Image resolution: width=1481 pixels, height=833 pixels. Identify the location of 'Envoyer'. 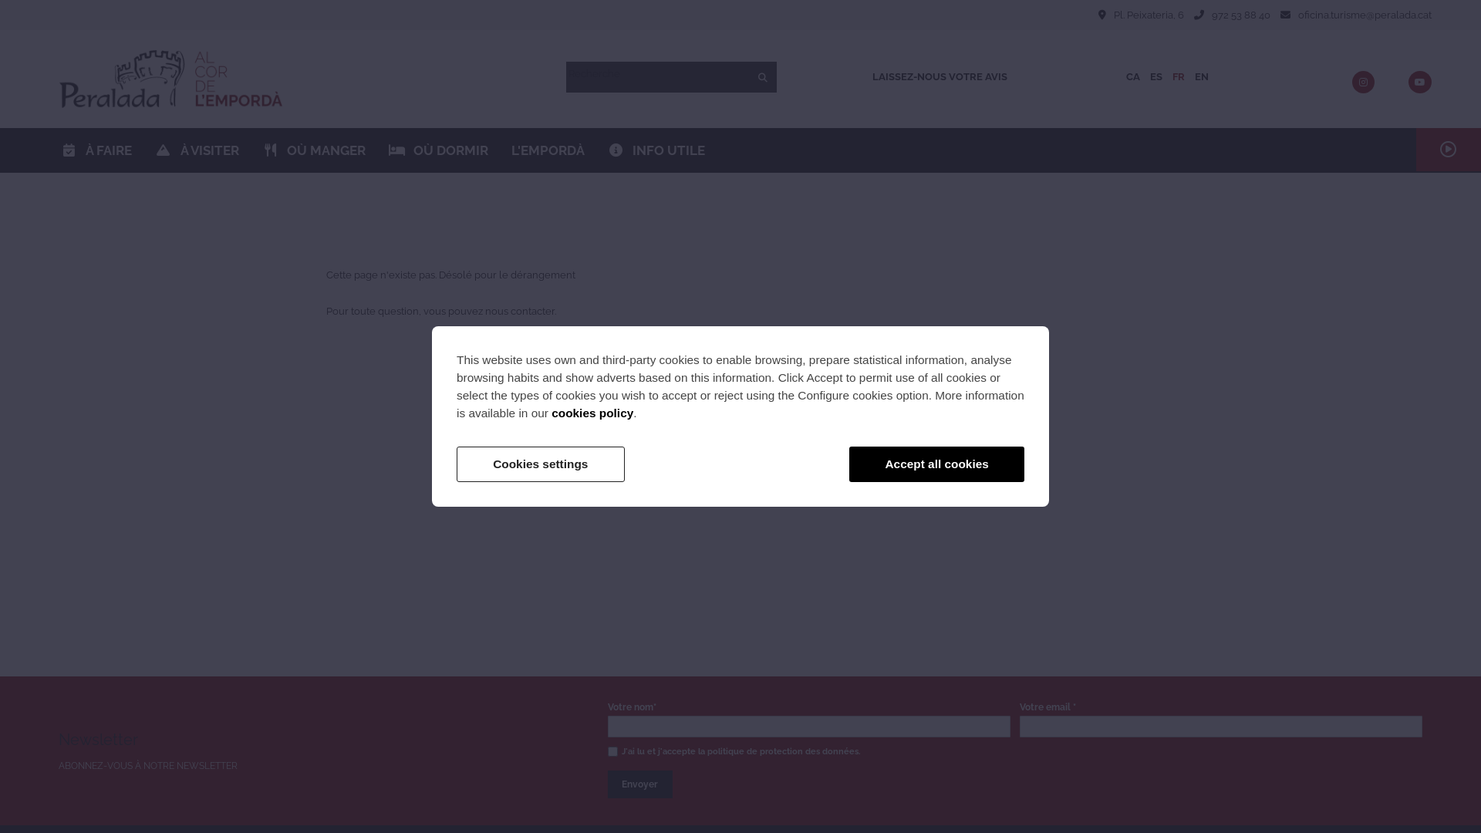
(640, 784).